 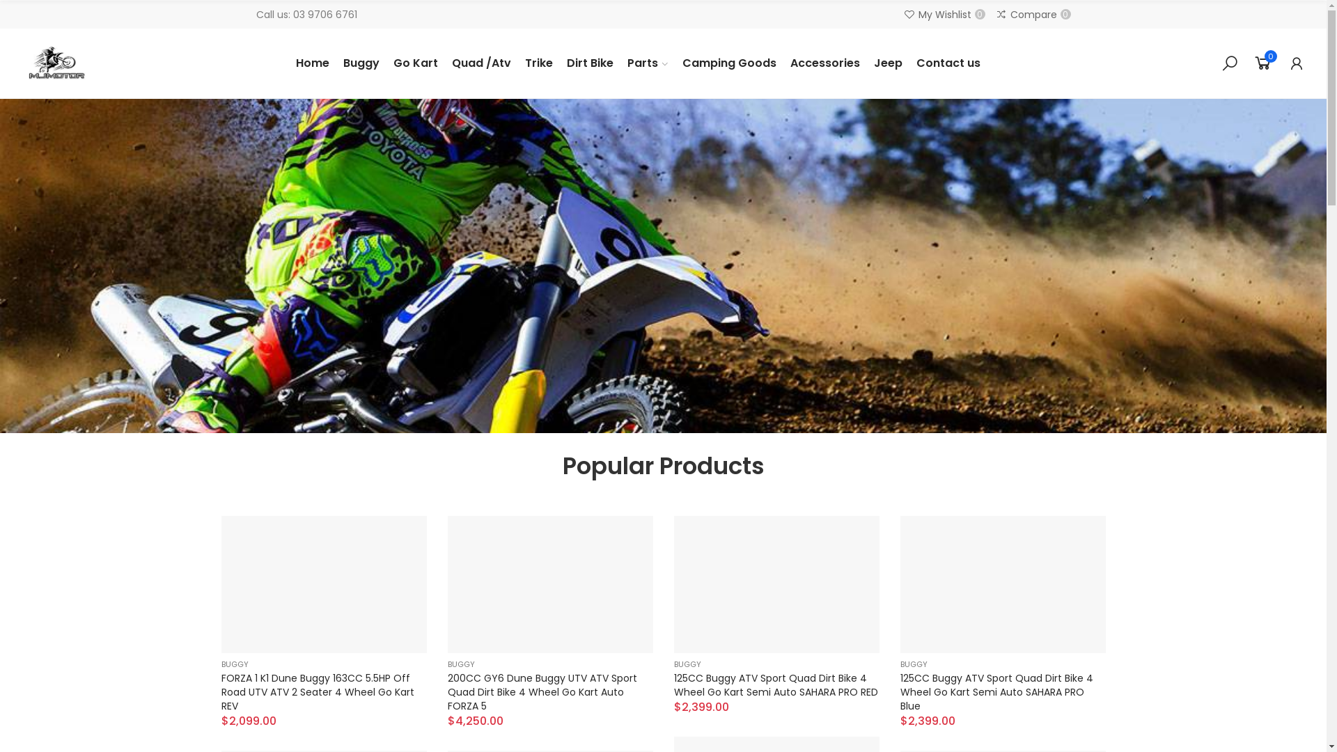 I want to click on 'Dirt Bike', so click(x=589, y=63).